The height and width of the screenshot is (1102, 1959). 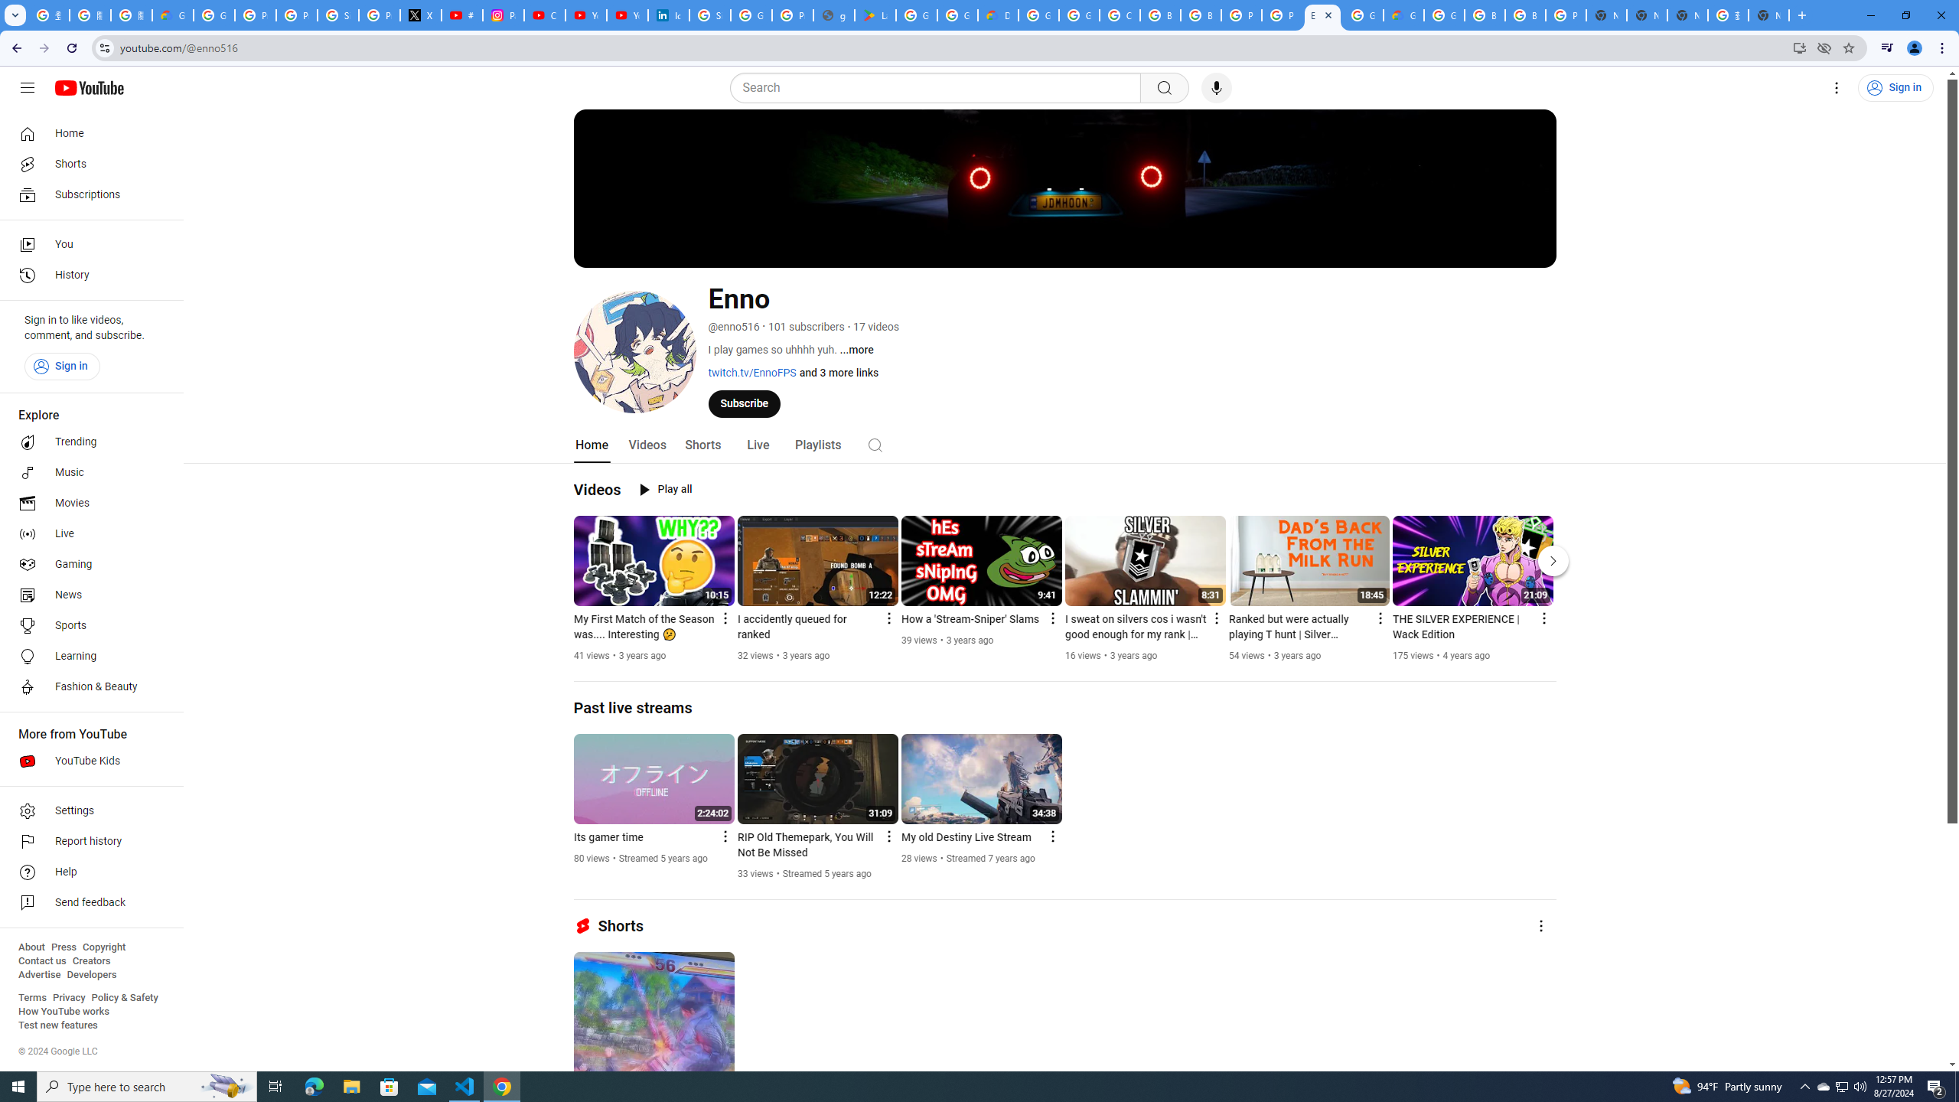 What do you see at coordinates (1322, 15) in the screenshot?
I see `'Enno - YouTube'` at bounding box center [1322, 15].